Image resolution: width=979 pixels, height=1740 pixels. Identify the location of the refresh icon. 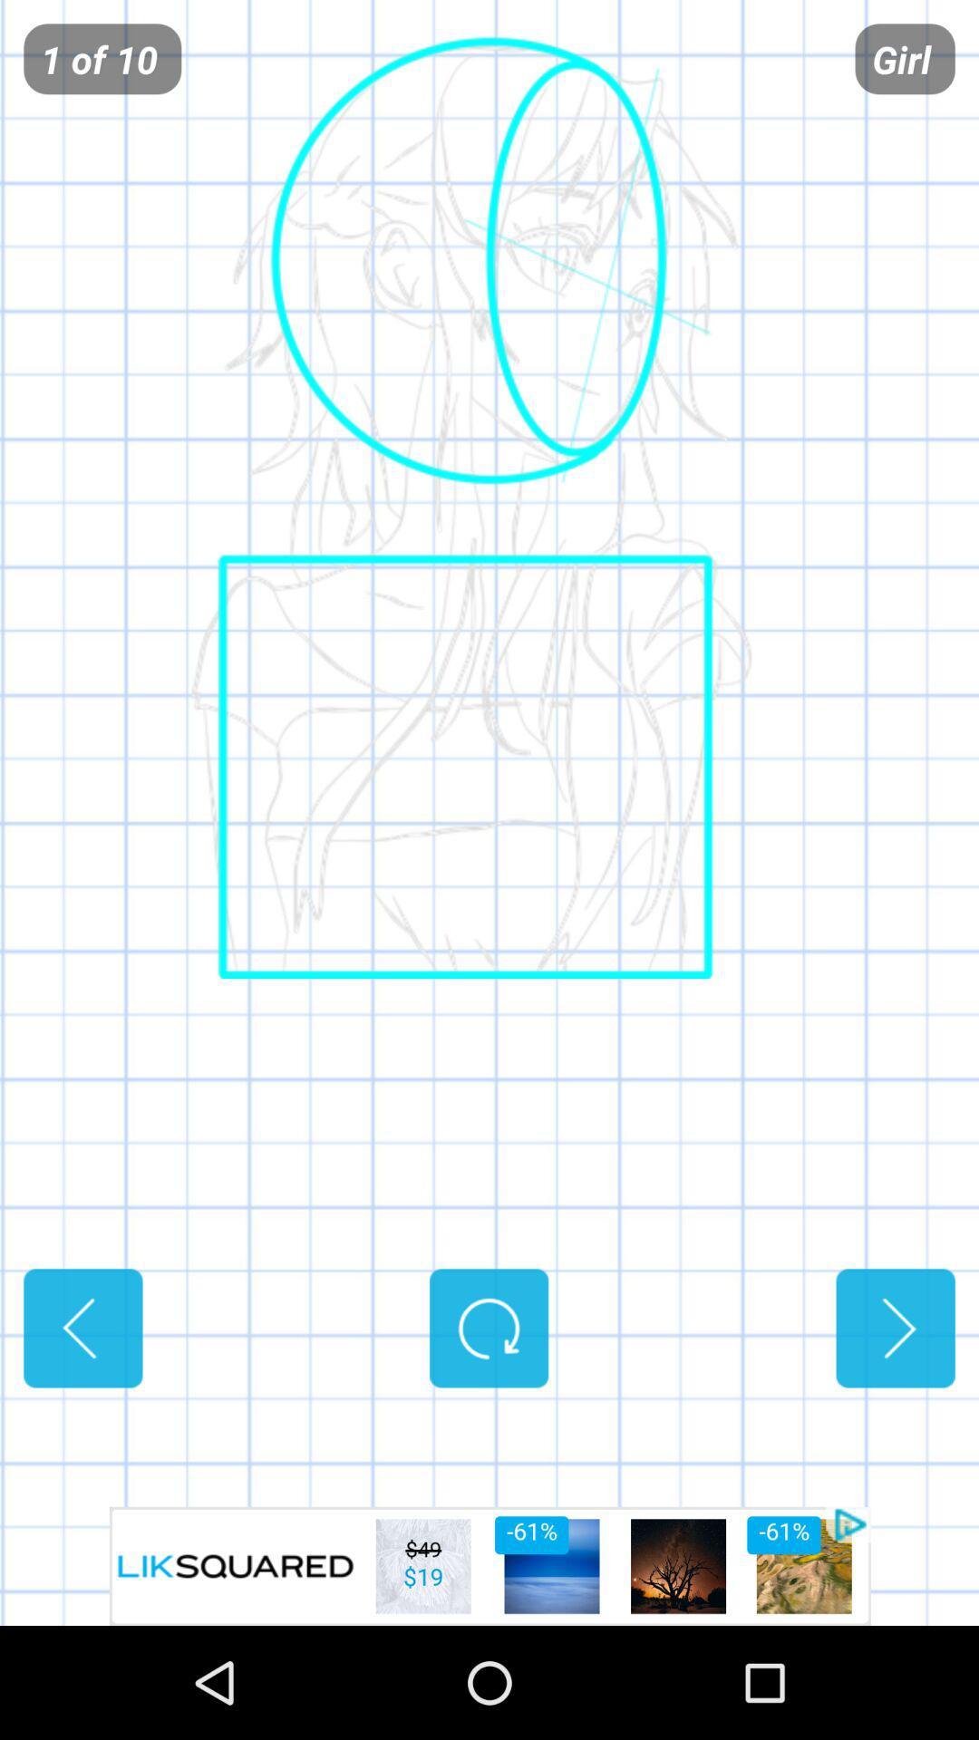
(488, 1420).